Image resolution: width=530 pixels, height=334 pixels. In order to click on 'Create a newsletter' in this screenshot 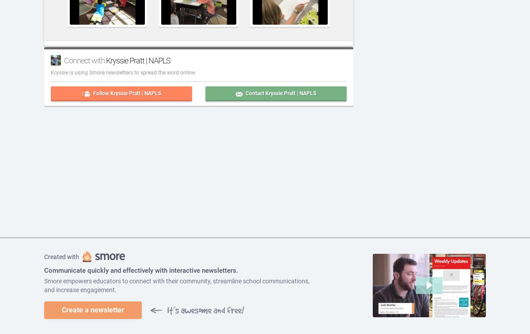, I will do `click(92, 309)`.